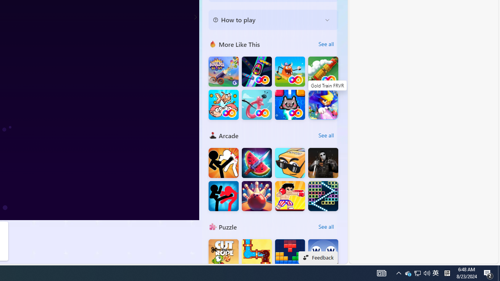 This screenshot has height=281, width=500. Describe the element at coordinates (257, 196) in the screenshot. I see `'Super Bowling Mania'` at that location.